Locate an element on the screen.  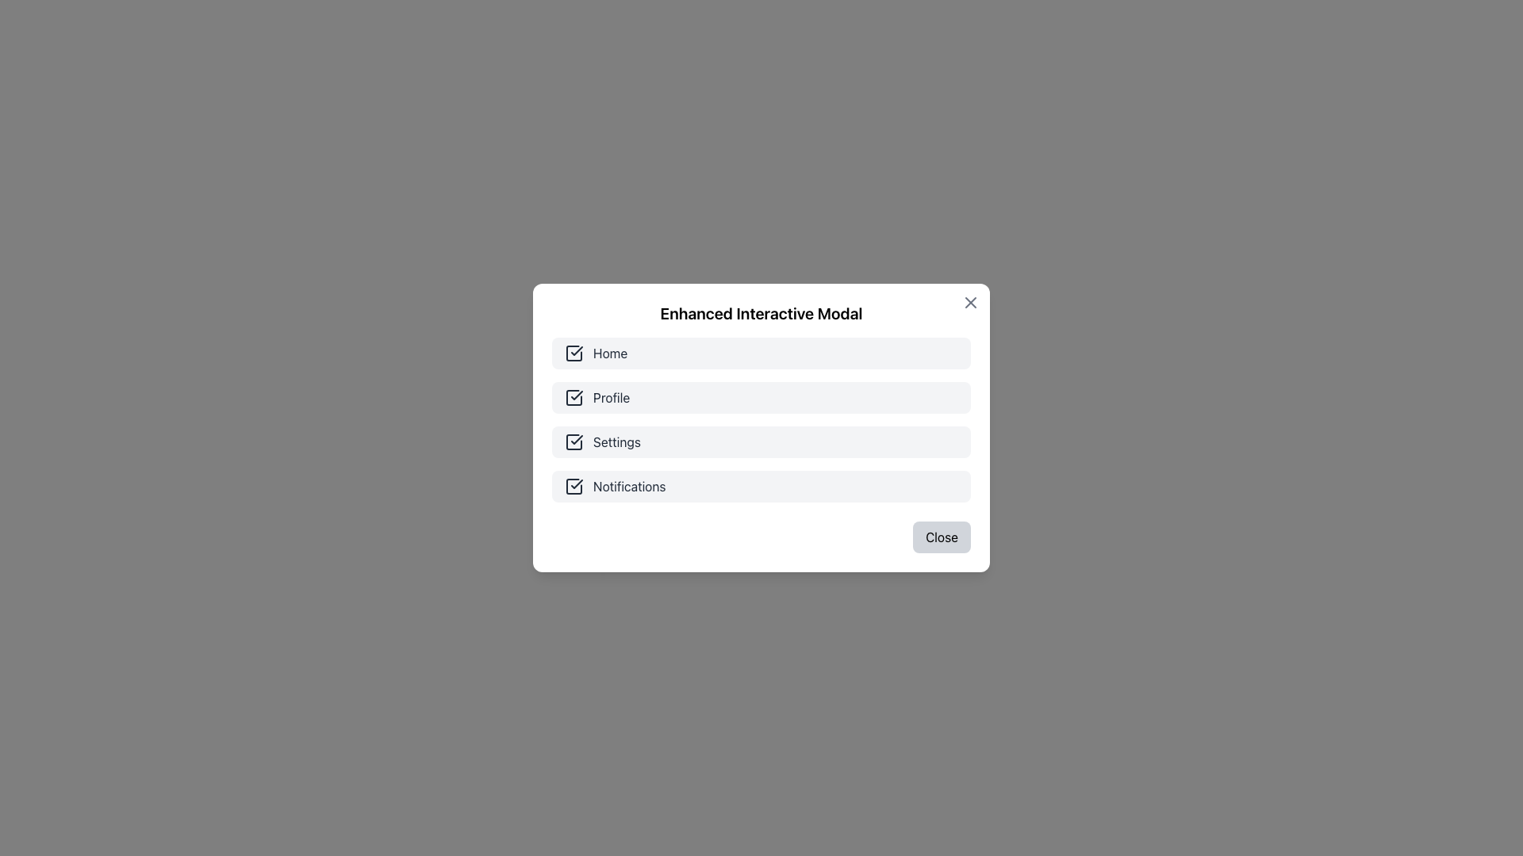
the 'Close' button located at the bottom right corner of the modal dialog to change its background color is located at coordinates (942, 537).